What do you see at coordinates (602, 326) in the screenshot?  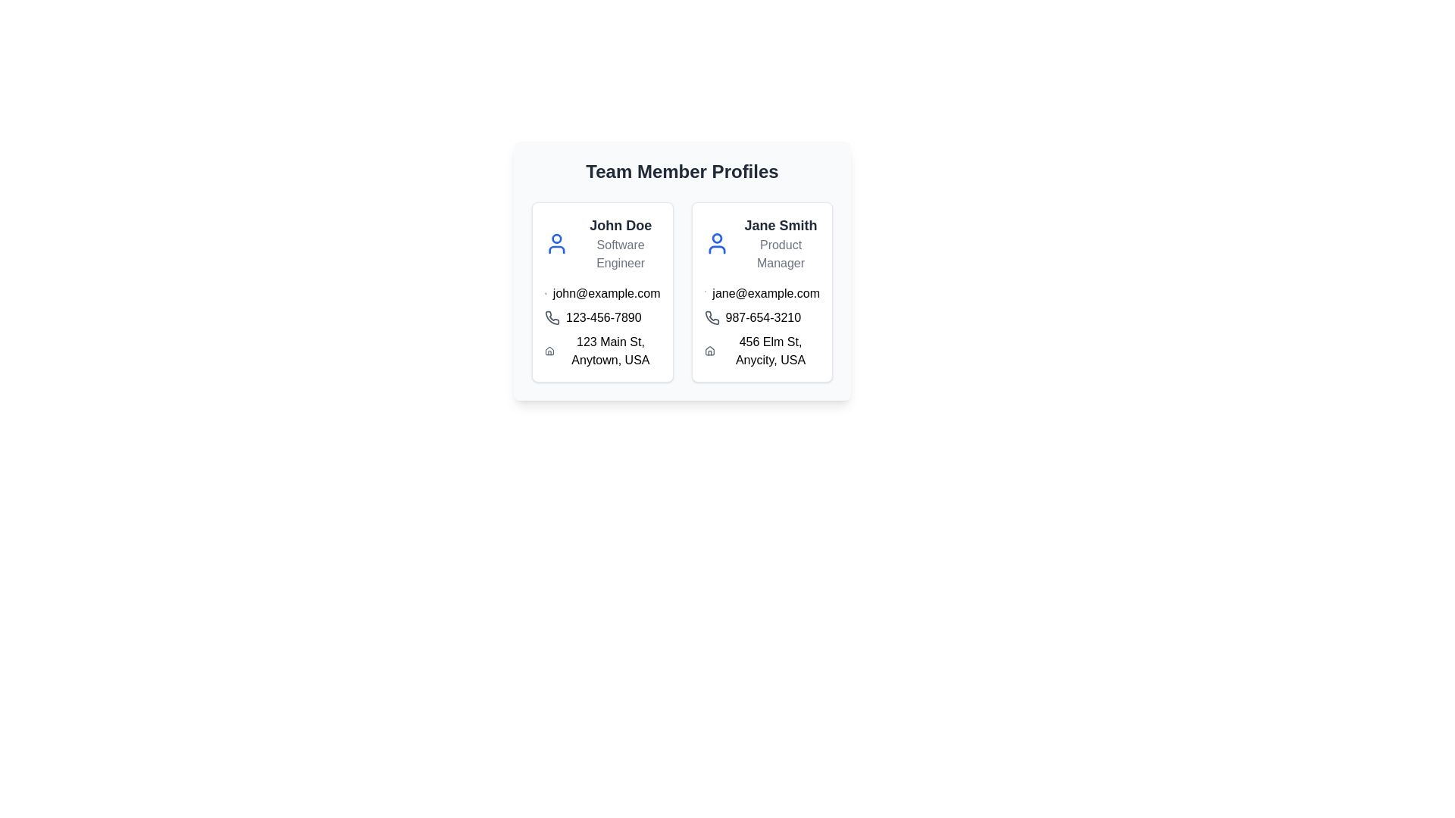 I see `the Contact Information Segment that contains an email address, phone number, and physical address, positioned below the name 'John Doe' and the job title 'Software Engineer'` at bounding box center [602, 326].